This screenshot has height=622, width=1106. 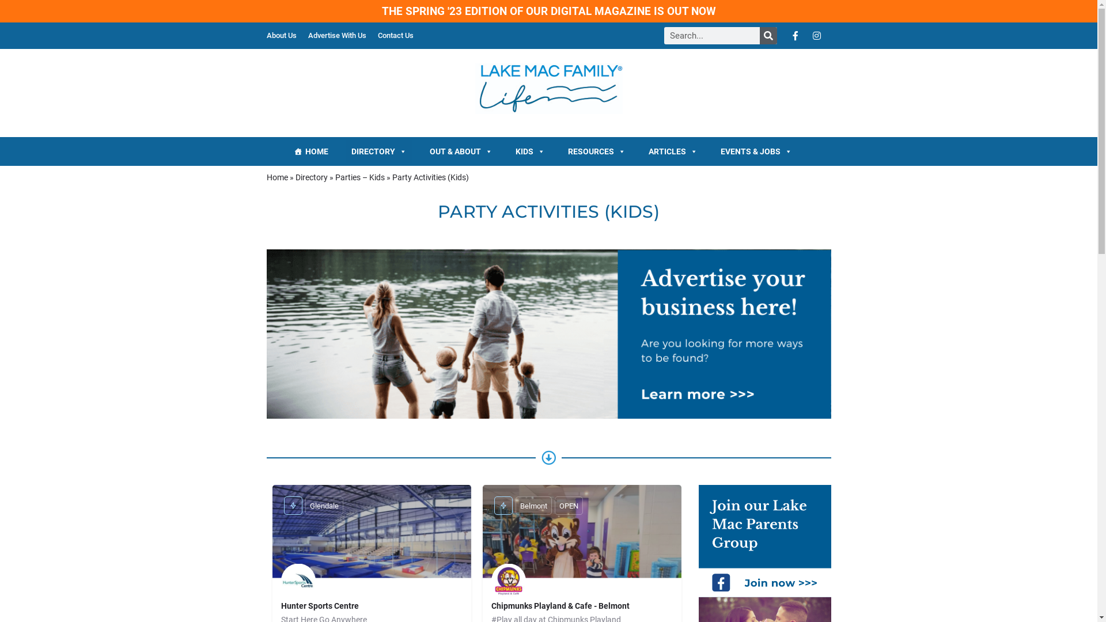 What do you see at coordinates (276, 177) in the screenshot?
I see `'Home'` at bounding box center [276, 177].